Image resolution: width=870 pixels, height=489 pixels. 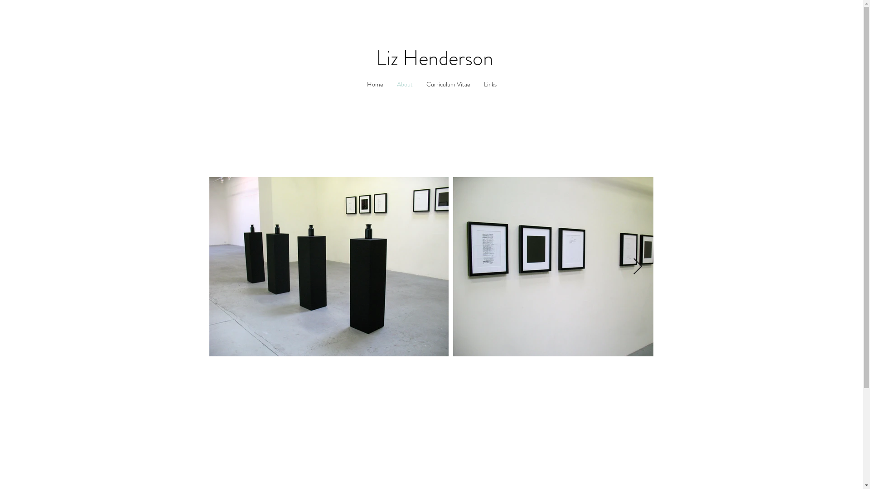 What do you see at coordinates (448, 84) in the screenshot?
I see `'Curriculum Vitae'` at bounding box center [448, 84].